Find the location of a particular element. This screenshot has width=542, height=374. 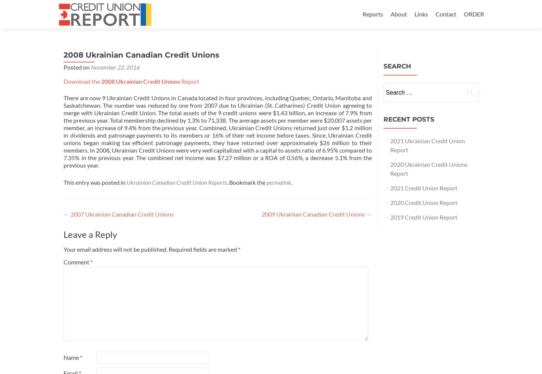

'Your email address will not be published.' is located at coordinates (115, 249).